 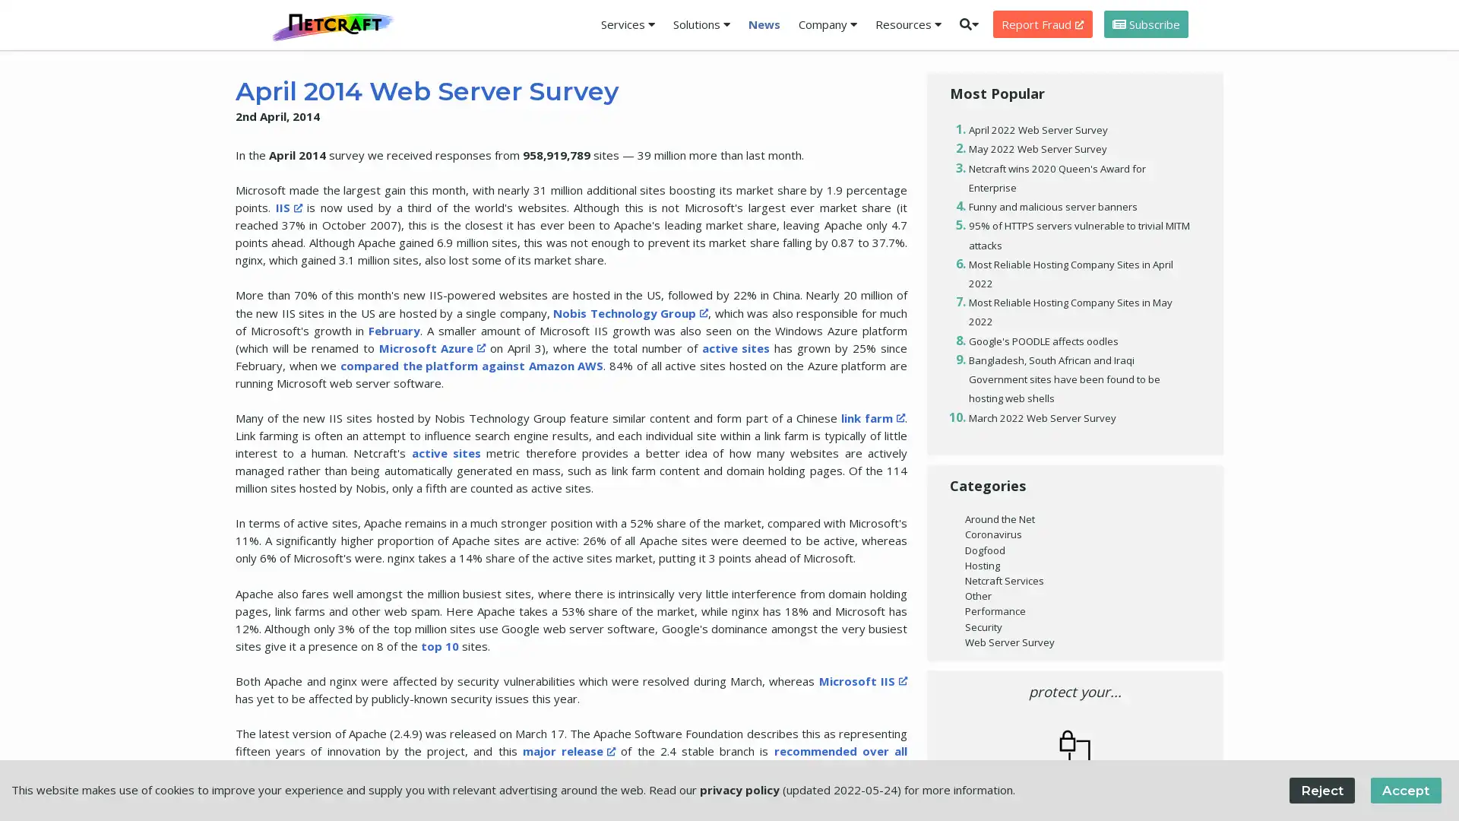 I want to click on Accept, so click(x=1404, y=789).